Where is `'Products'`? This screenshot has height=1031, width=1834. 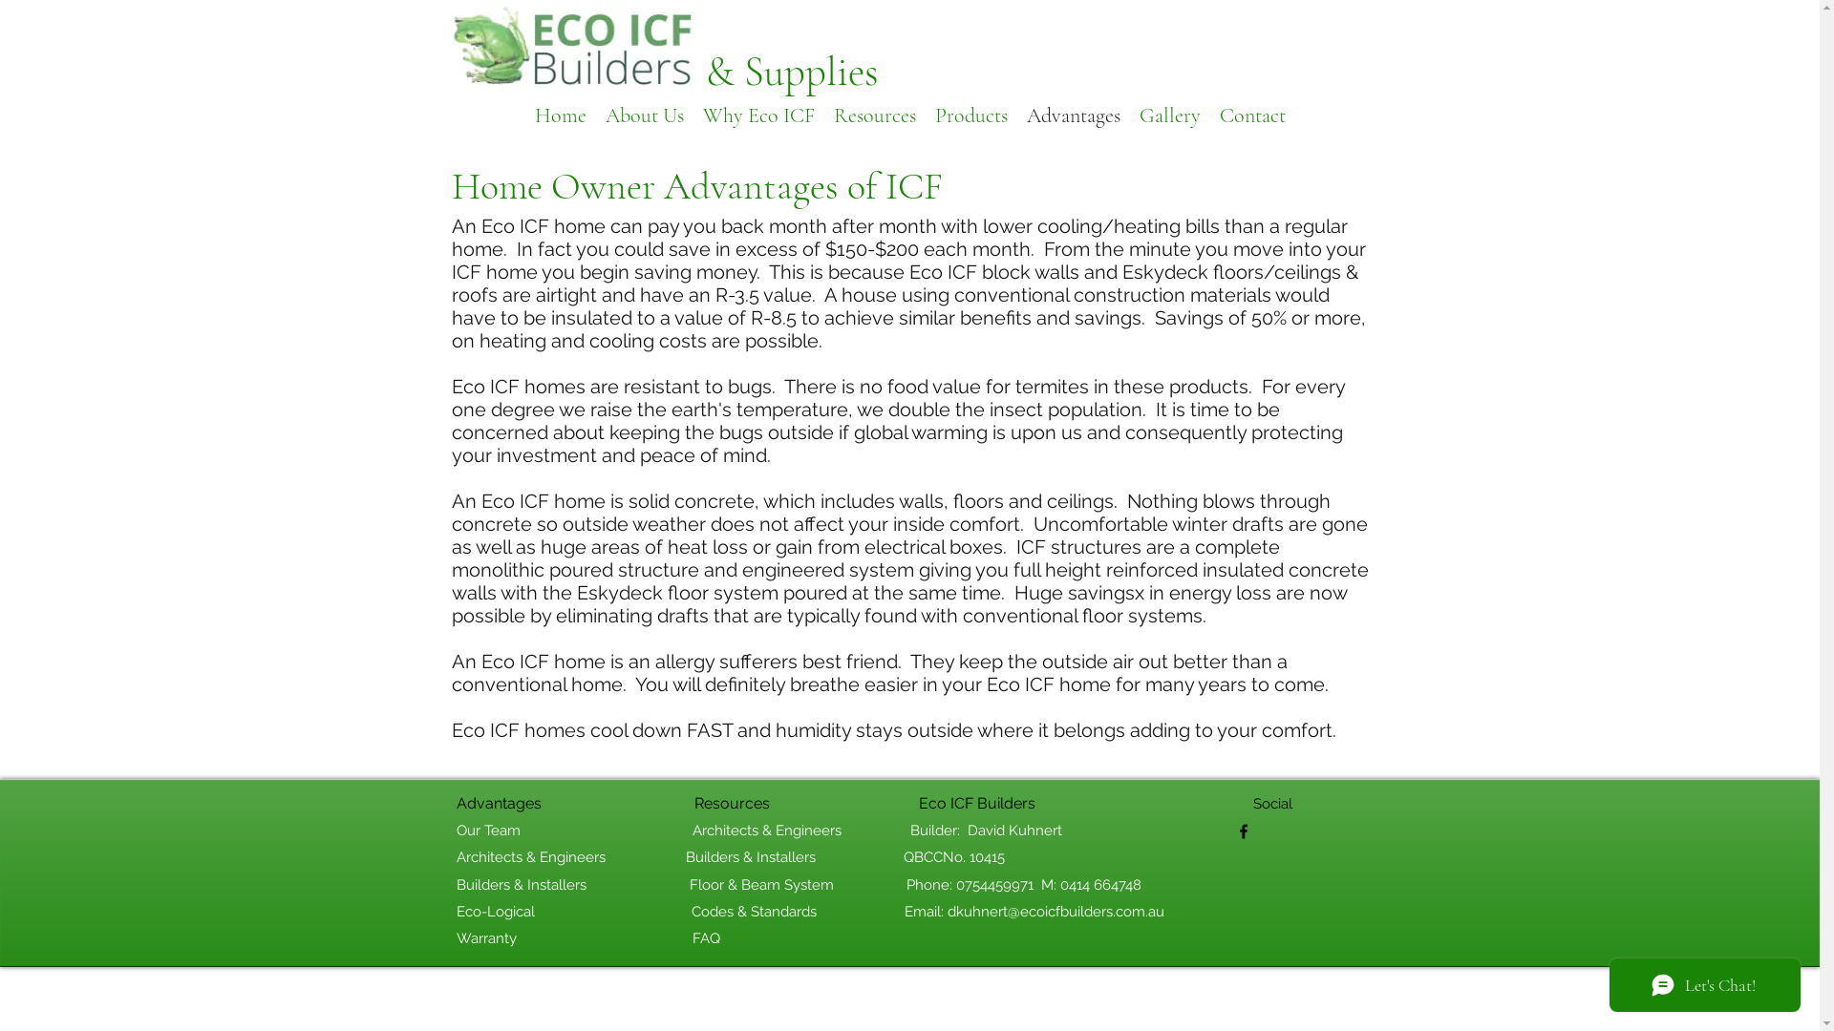
'Products' is located at coordinates (925, 113).